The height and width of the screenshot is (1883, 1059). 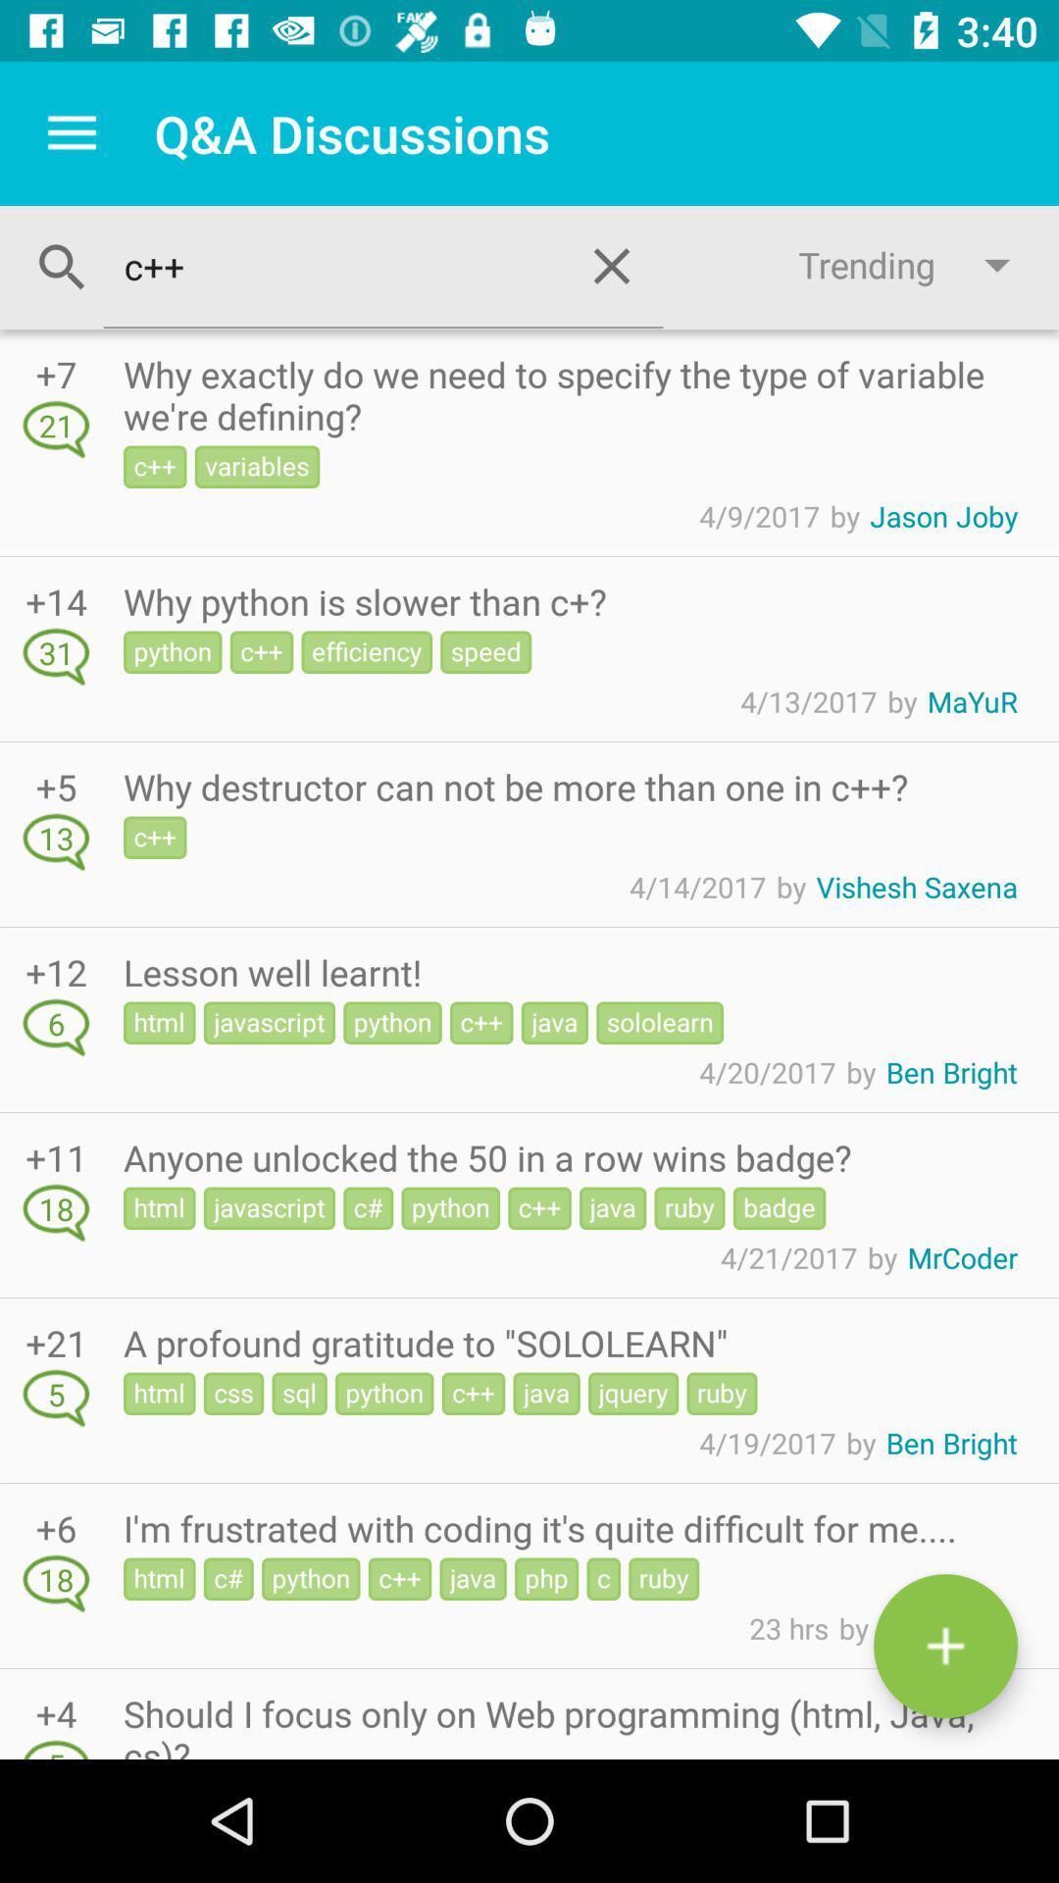 I want to click on the add icon, so click(x=944, y=1646).